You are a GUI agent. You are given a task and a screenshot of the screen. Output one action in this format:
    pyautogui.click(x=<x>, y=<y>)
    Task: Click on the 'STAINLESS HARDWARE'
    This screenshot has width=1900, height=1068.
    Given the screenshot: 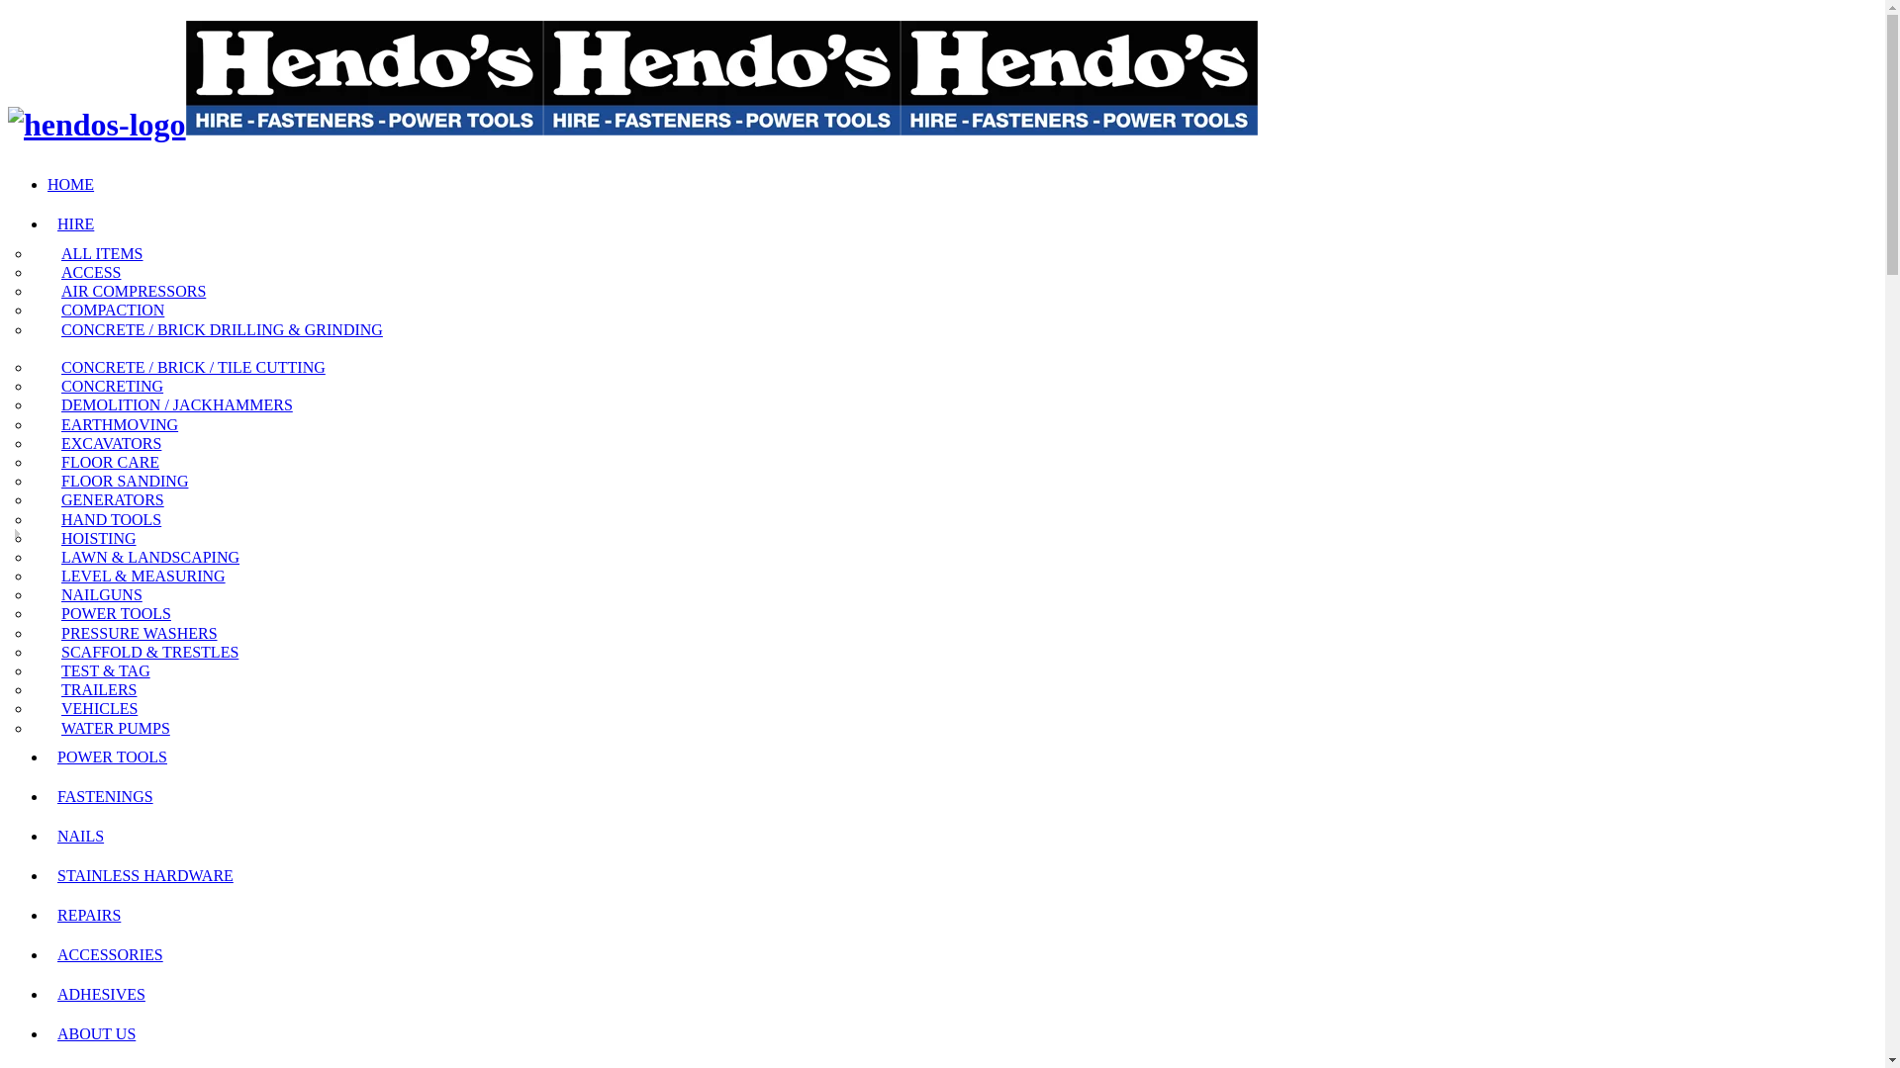 What is the action you would take?
    pyautogui.click(x=144, y=874)
    